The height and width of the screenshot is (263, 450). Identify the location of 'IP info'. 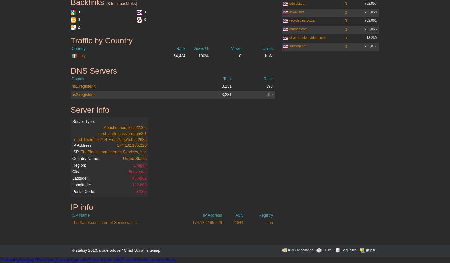
(70, 207).